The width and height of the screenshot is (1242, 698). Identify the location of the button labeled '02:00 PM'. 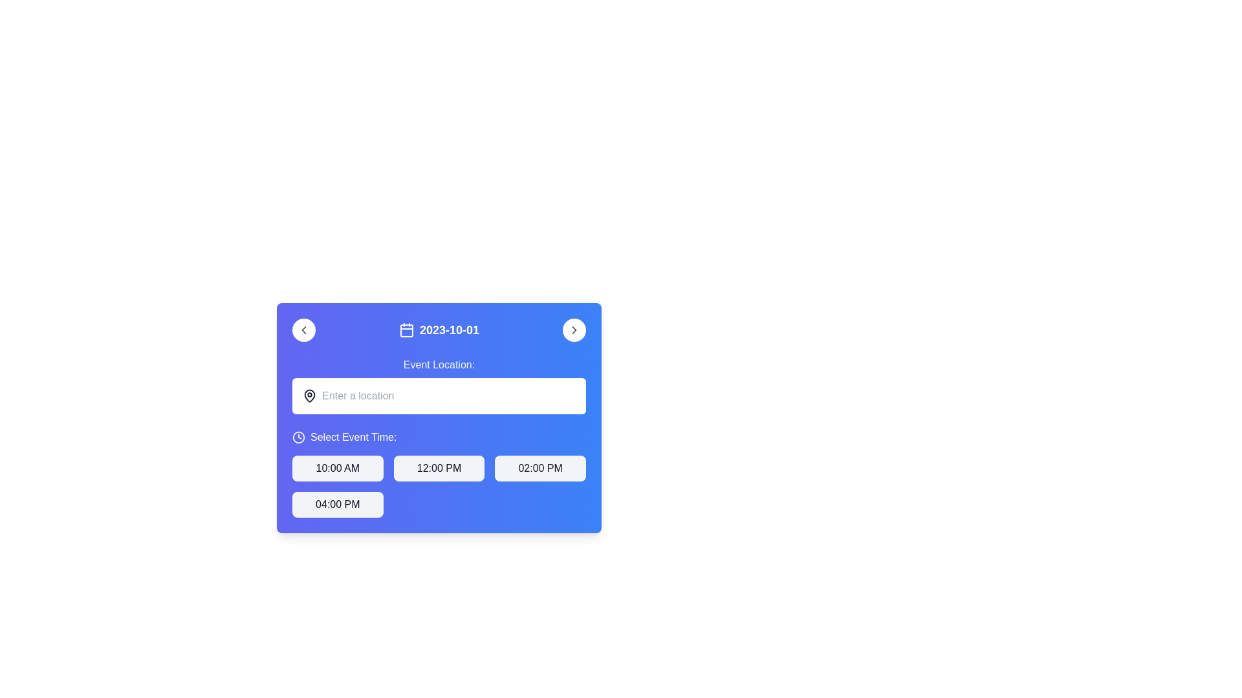
(540, 469).